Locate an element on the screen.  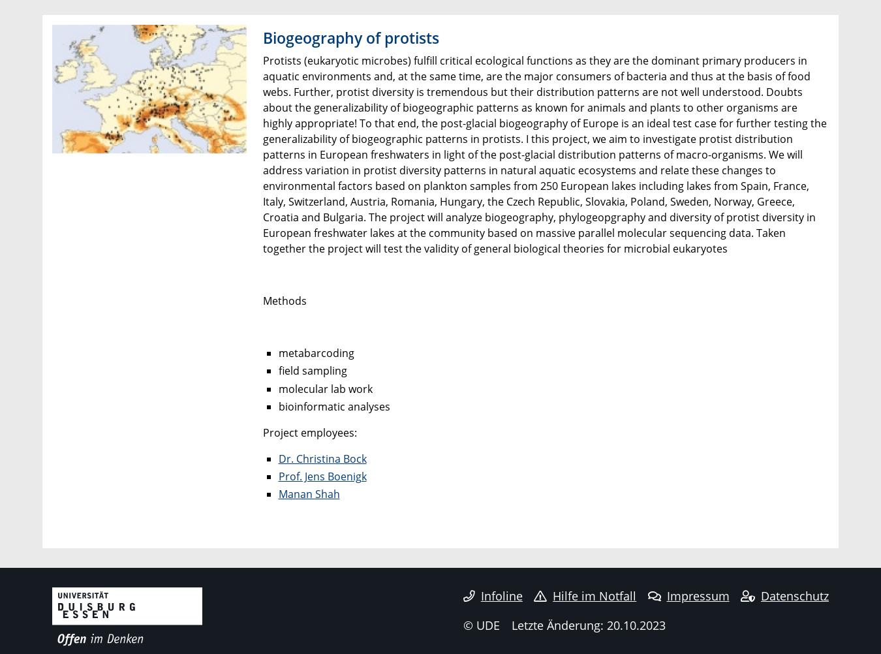
'Datenschutz' is located at coordinates (760, 596).